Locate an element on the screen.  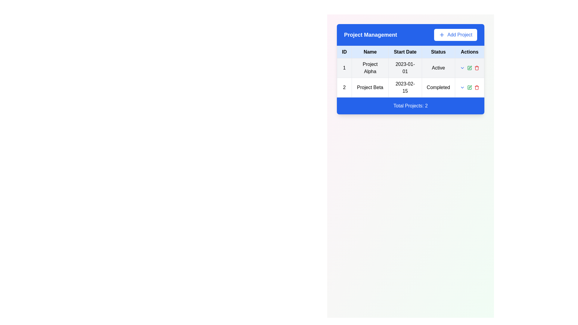
the 'Add New Project' button located in the top-right corner of the interface with a blue background, adjacent to 'Project Management' is located at coordinates (455, 35).